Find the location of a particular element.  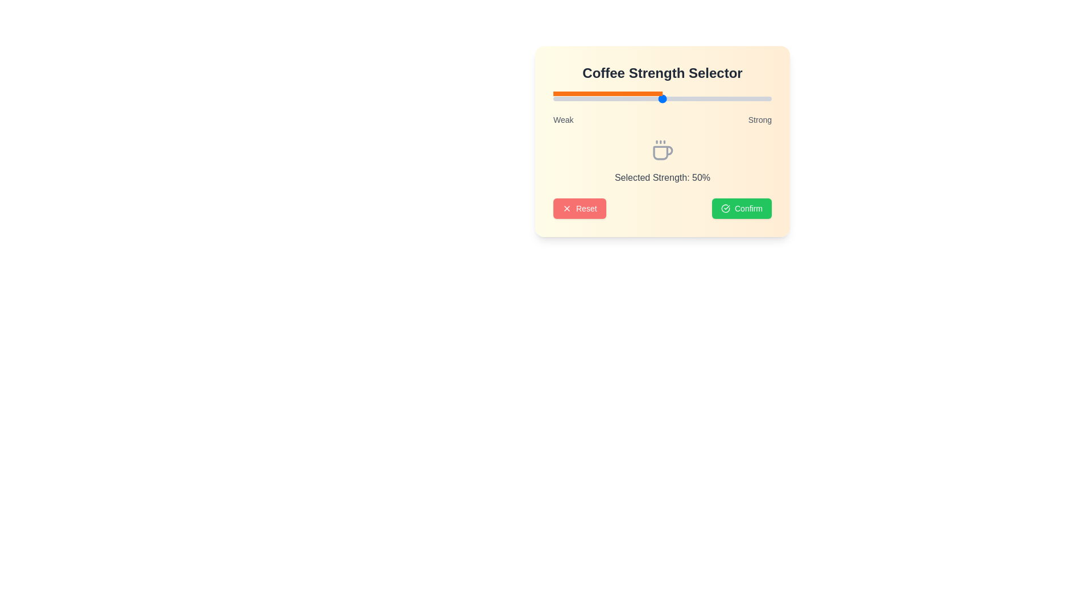

the coffee strength is located at coordinates (590, 98).